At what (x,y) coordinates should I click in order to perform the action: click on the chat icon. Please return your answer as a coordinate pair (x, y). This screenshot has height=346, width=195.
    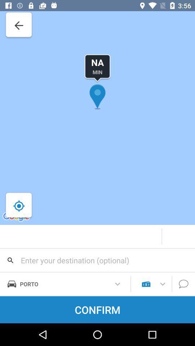
    Looking at the image, I should click on (183, 284).